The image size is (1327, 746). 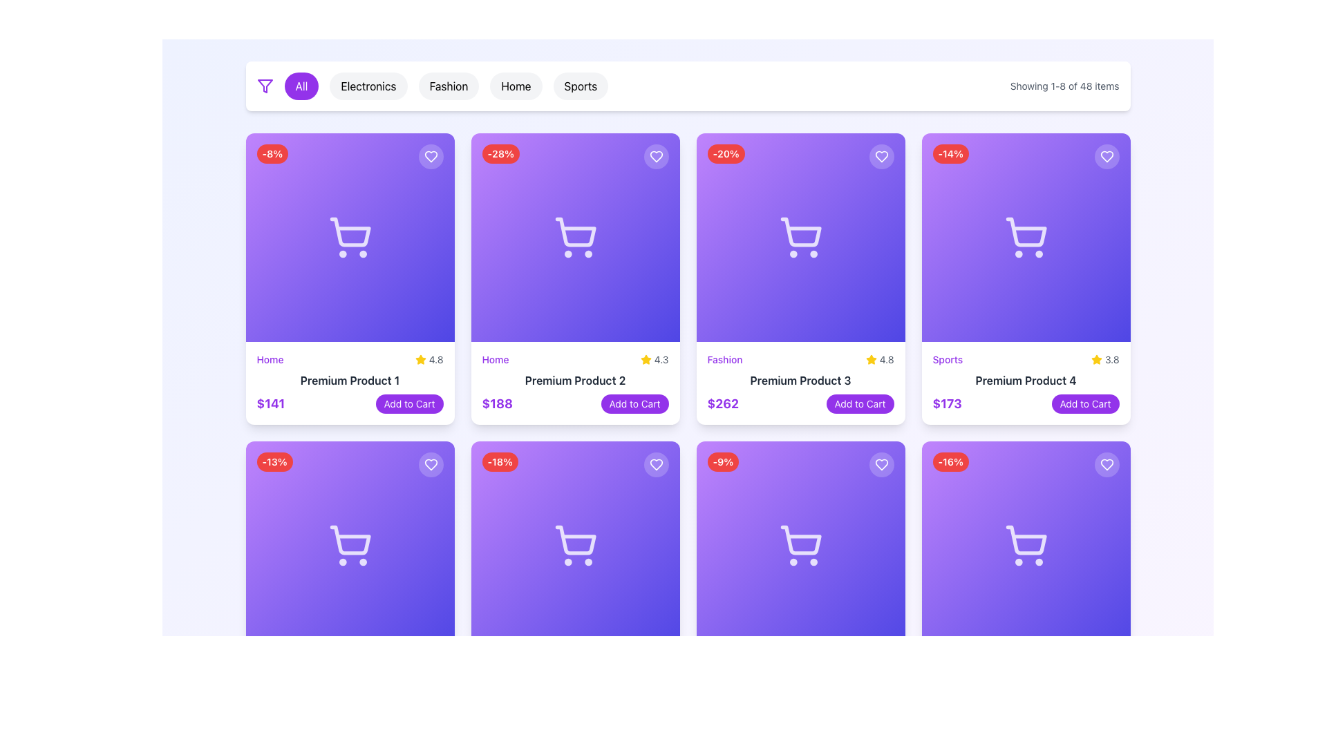 I want to click on the label indicating 'Premium Product 4', located in the fourth product card of the grid layout under the 'Sports' description and above the '$173' price tag, so click(x=1026, y=381).